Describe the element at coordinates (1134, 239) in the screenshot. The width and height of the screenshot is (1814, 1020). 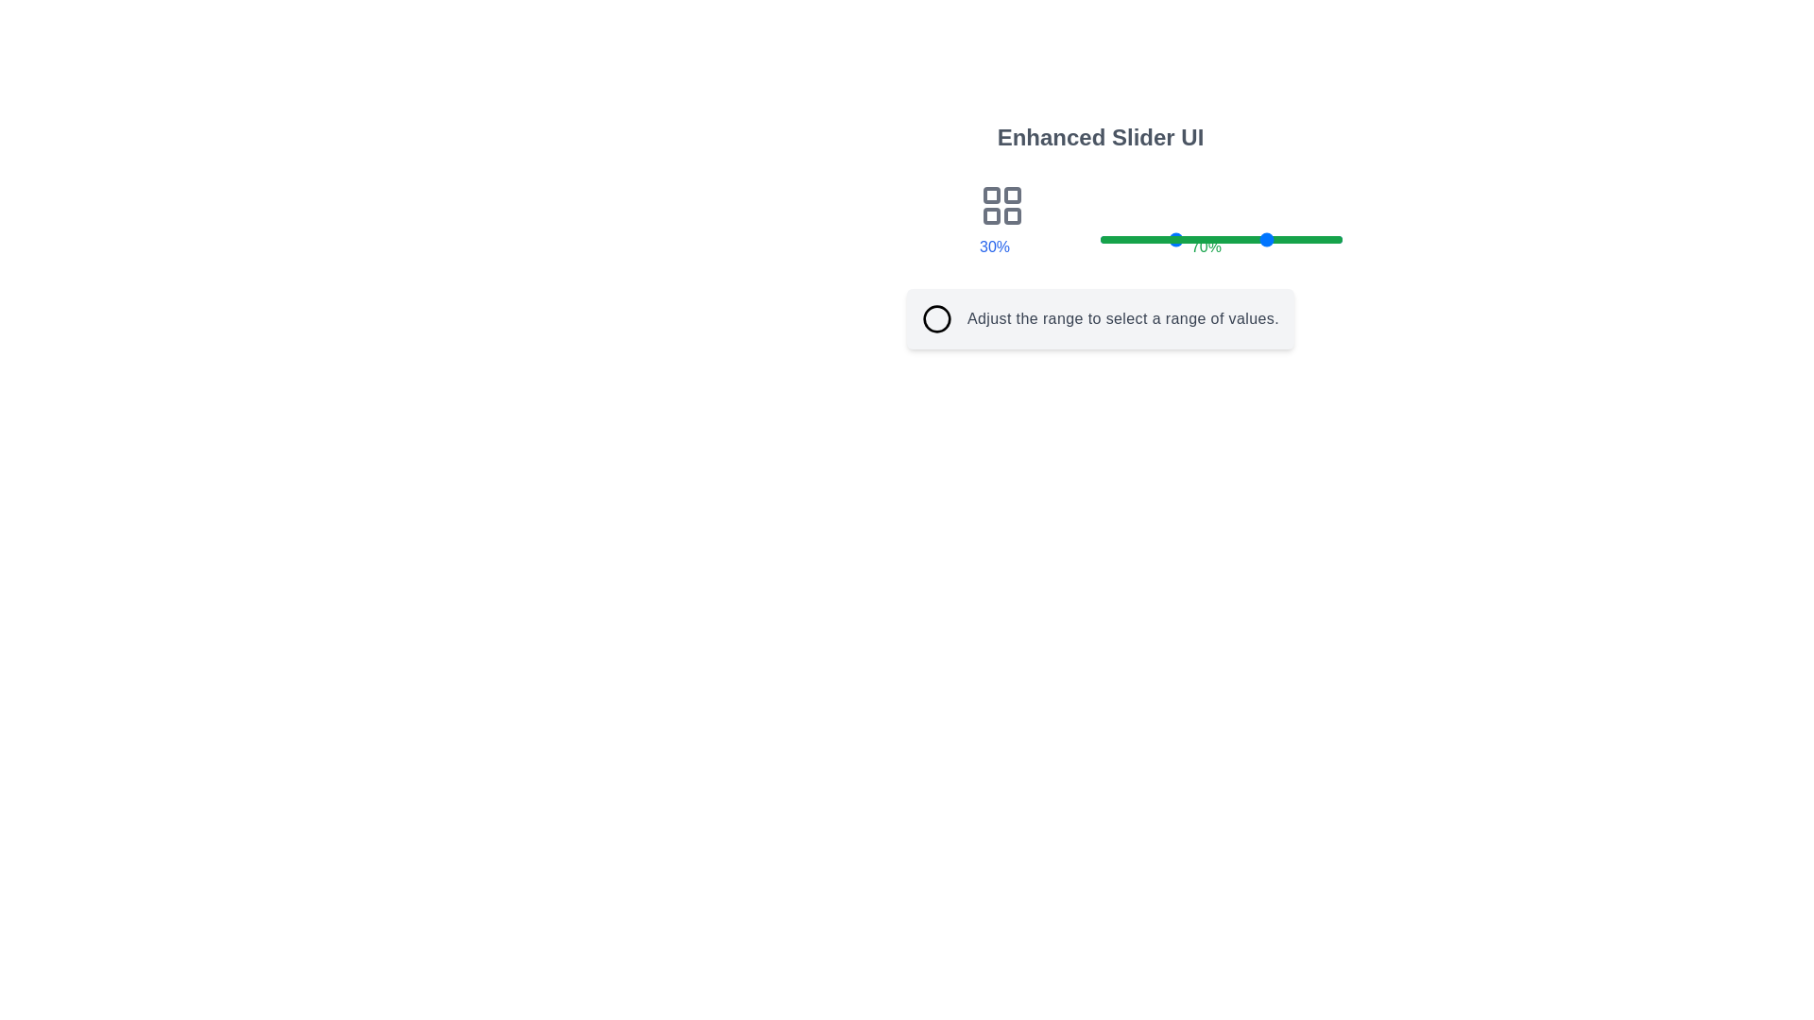
I see `the left slider to set the lower range value to 14` at that location.